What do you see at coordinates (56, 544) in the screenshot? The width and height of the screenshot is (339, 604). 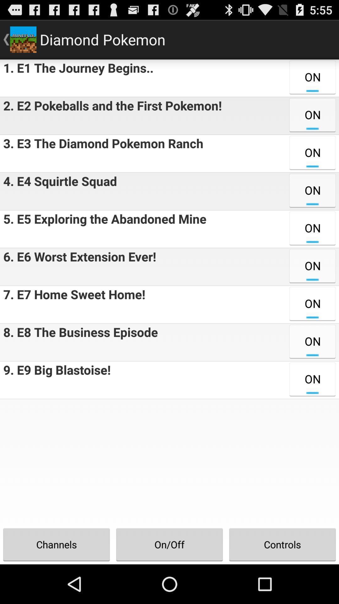 I see `channels at the bottom left corner` at bounding box center [56, 544].